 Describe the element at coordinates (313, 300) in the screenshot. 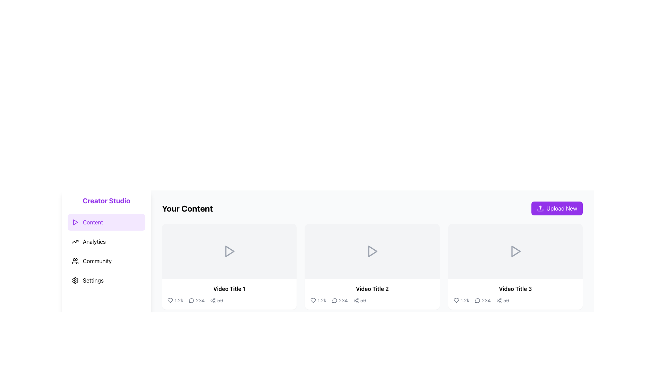

I see `the heart icon, which serves as a 'like' button beneath the second video card in the 'Your Content' section` at that location.